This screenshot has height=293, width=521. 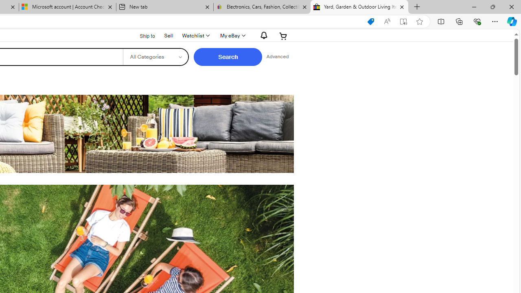 I want to click on 'My eBay', so click(x=232, y=35).